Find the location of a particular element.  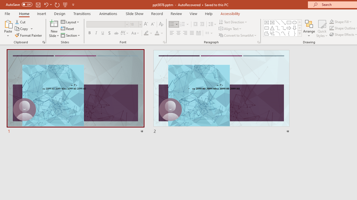

'Oval' is located at coordinates (294, 22).